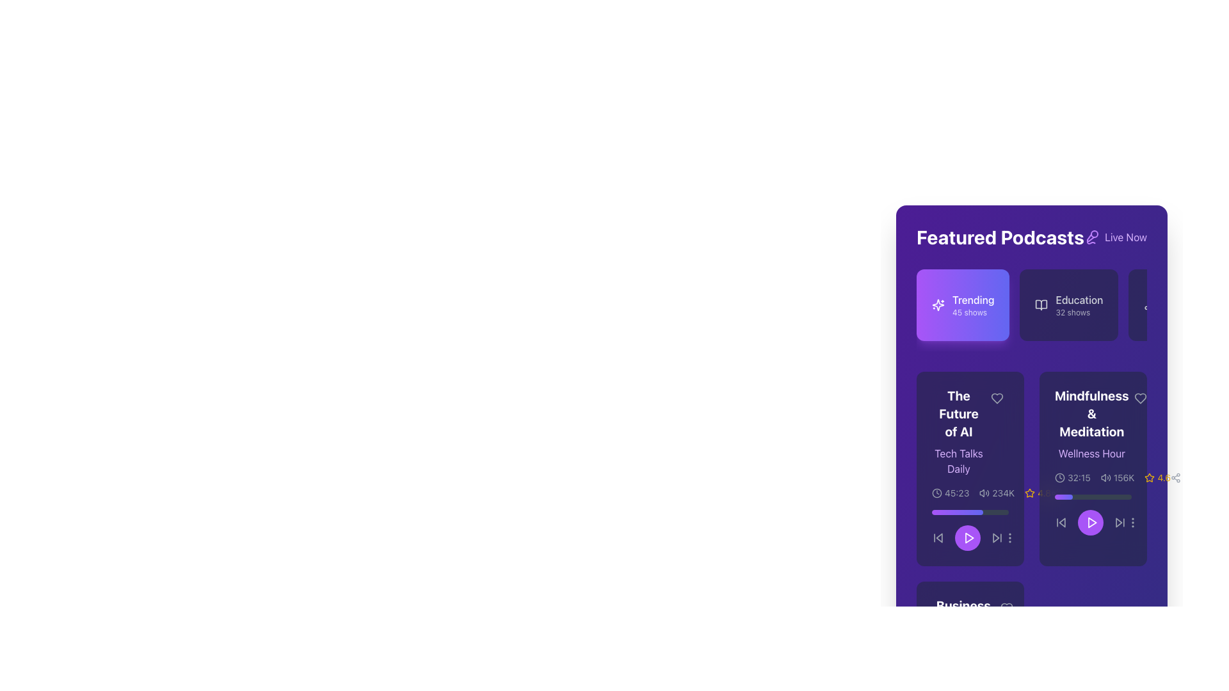  I want to click on displayed time from the Label showing a clock icon and the text '45:23', which is styled in white on a purple backdrop and is positioned to the left of elements displaying '234K' and '4.8', so click(951, 493).